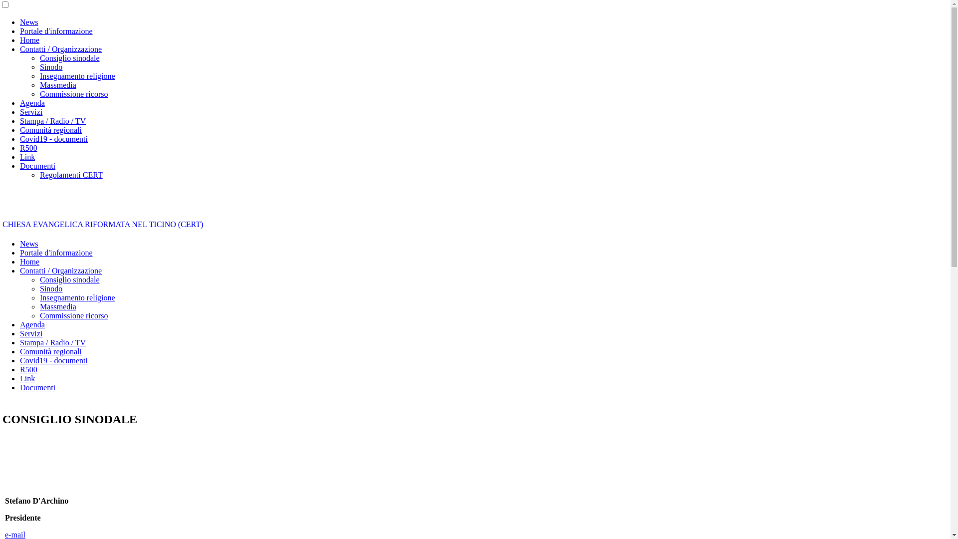 Image resolution: width=958 pixels, height=539 pixels. Describe the element at coordinates (19, 139) in the screenshot. I see `'Covid19 - documenti'` at that location.